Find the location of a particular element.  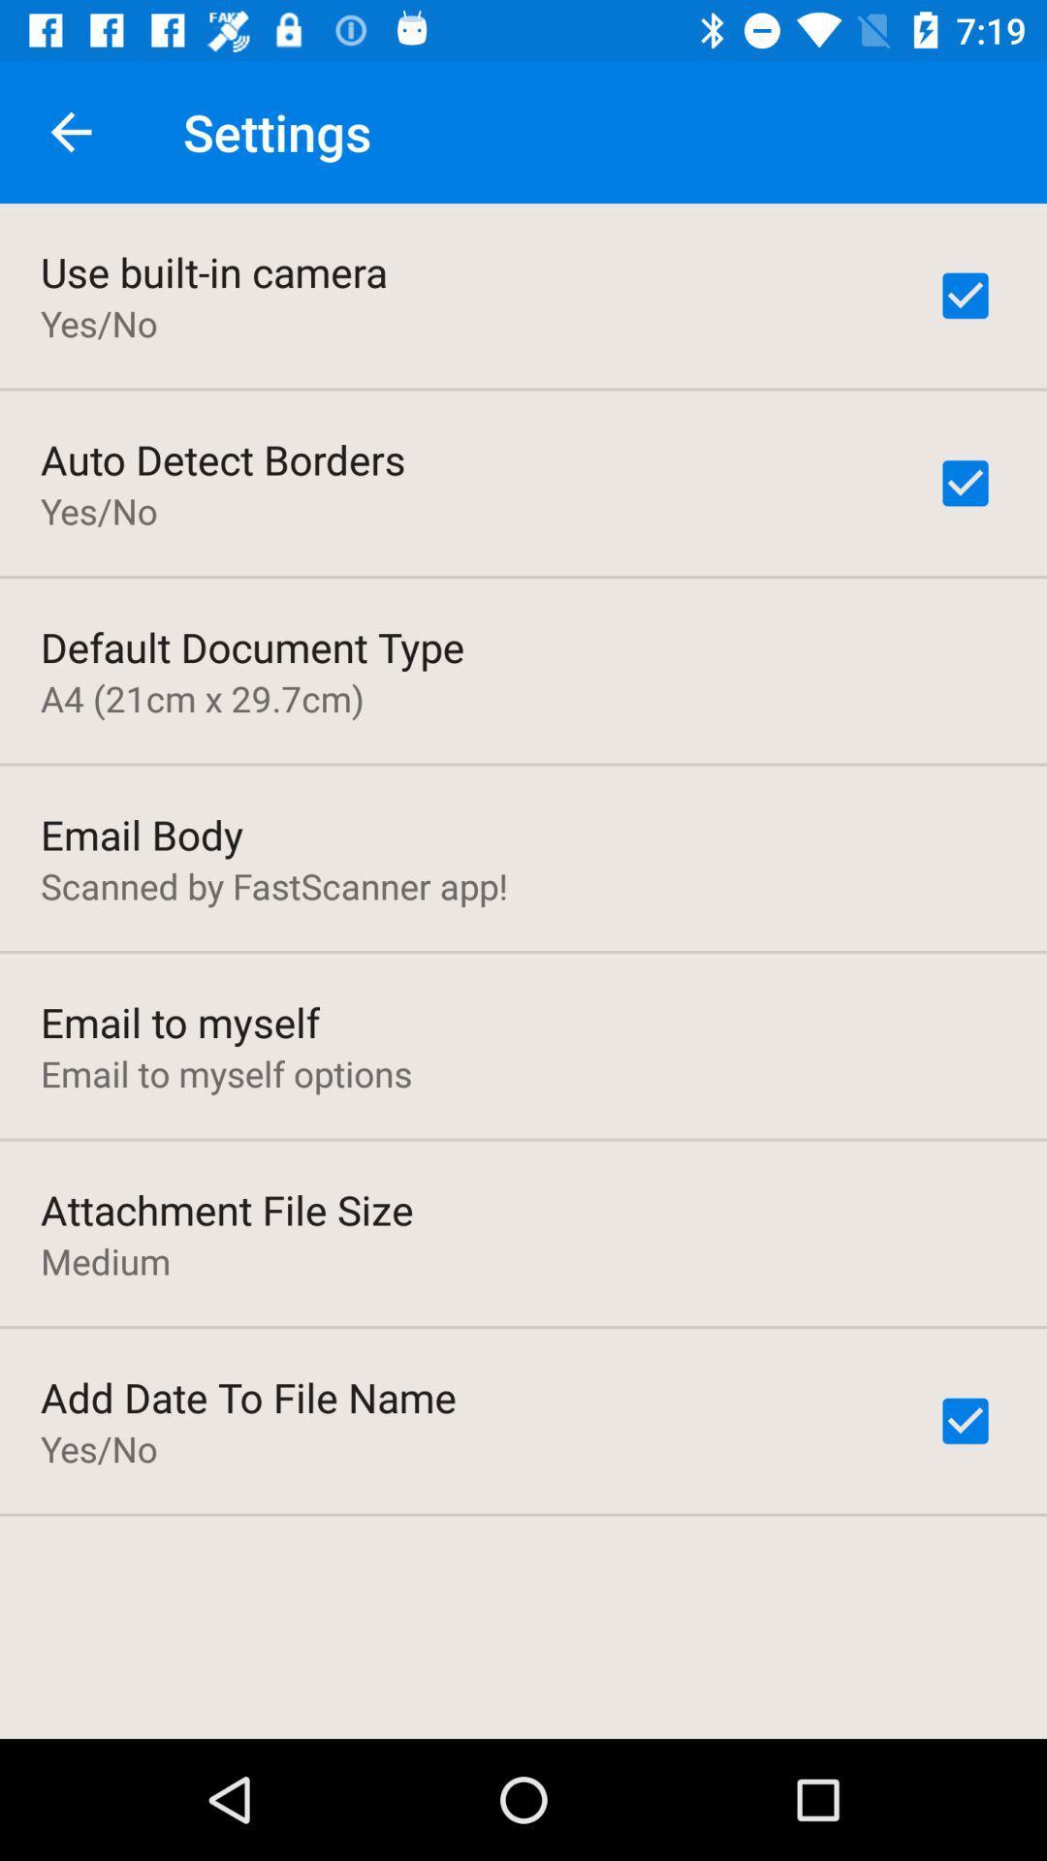

item above the a4 21cm x is located at coordinates (251, 647).